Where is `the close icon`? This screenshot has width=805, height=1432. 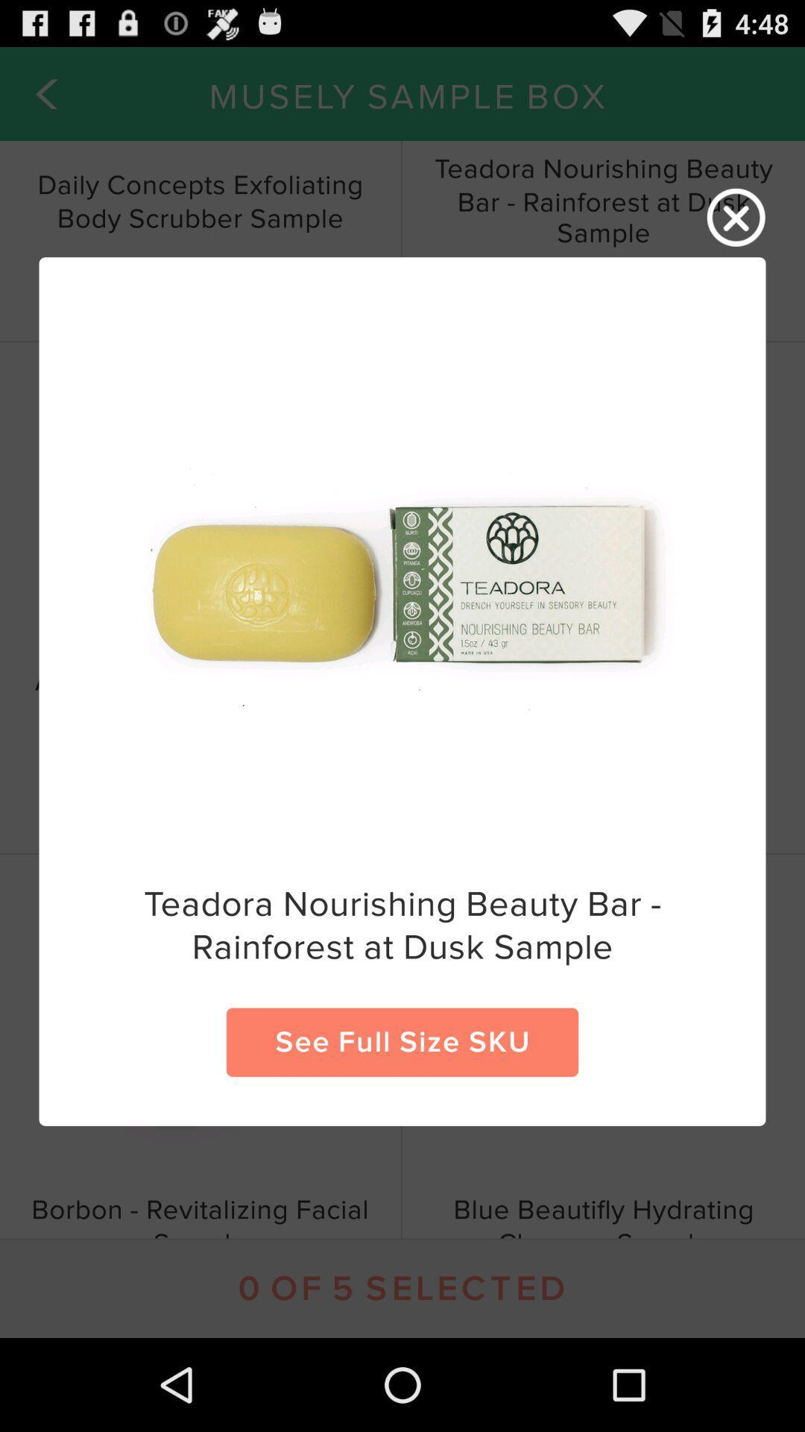 the close icon is located at coordinates (736, 224).